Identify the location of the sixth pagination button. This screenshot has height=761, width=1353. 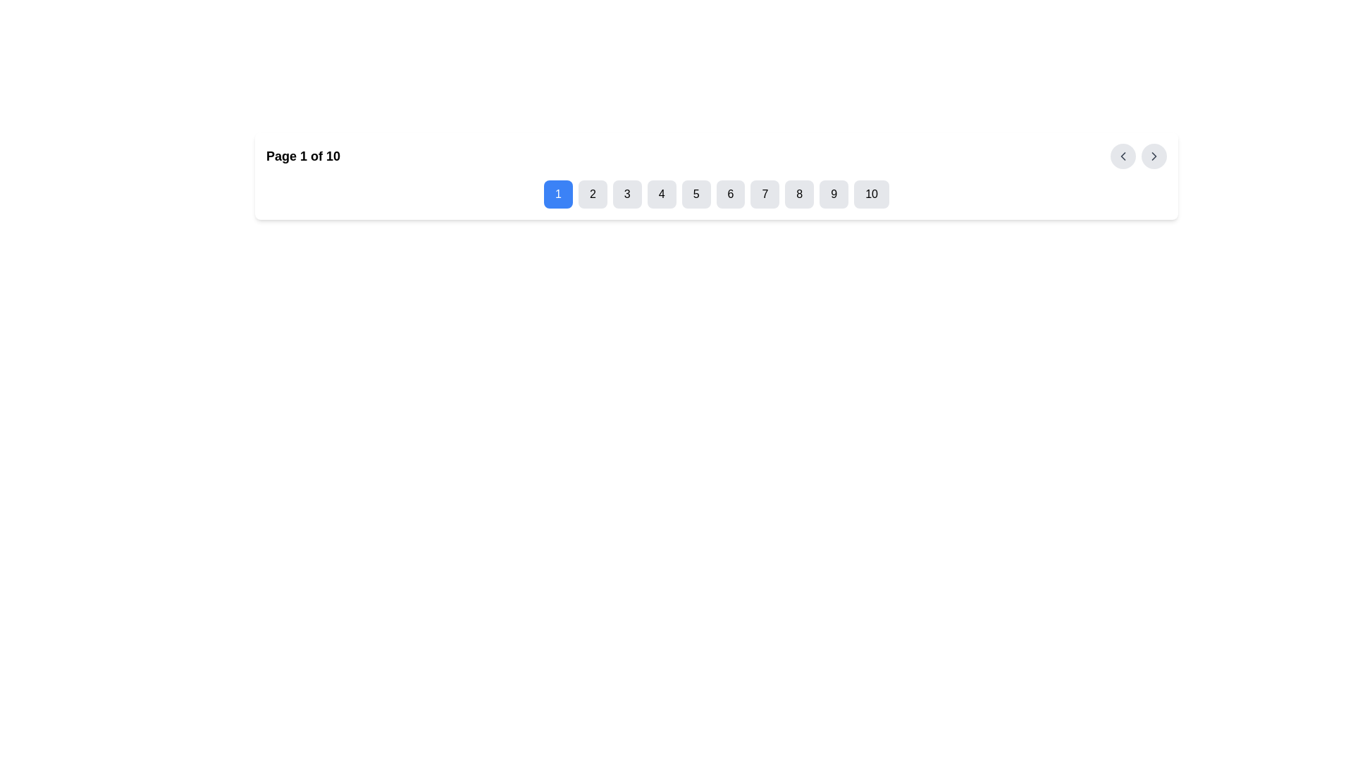
(730, 194).